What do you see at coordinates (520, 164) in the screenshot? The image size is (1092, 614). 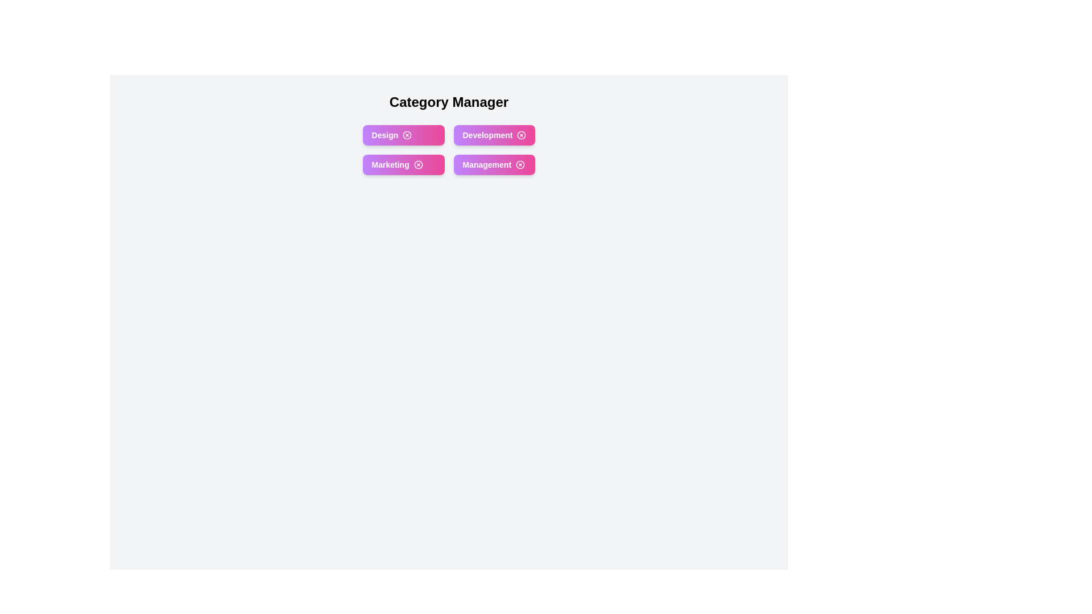 I see `close button on the category chip labeled Management to remove it` at bounding box center [520, 164].